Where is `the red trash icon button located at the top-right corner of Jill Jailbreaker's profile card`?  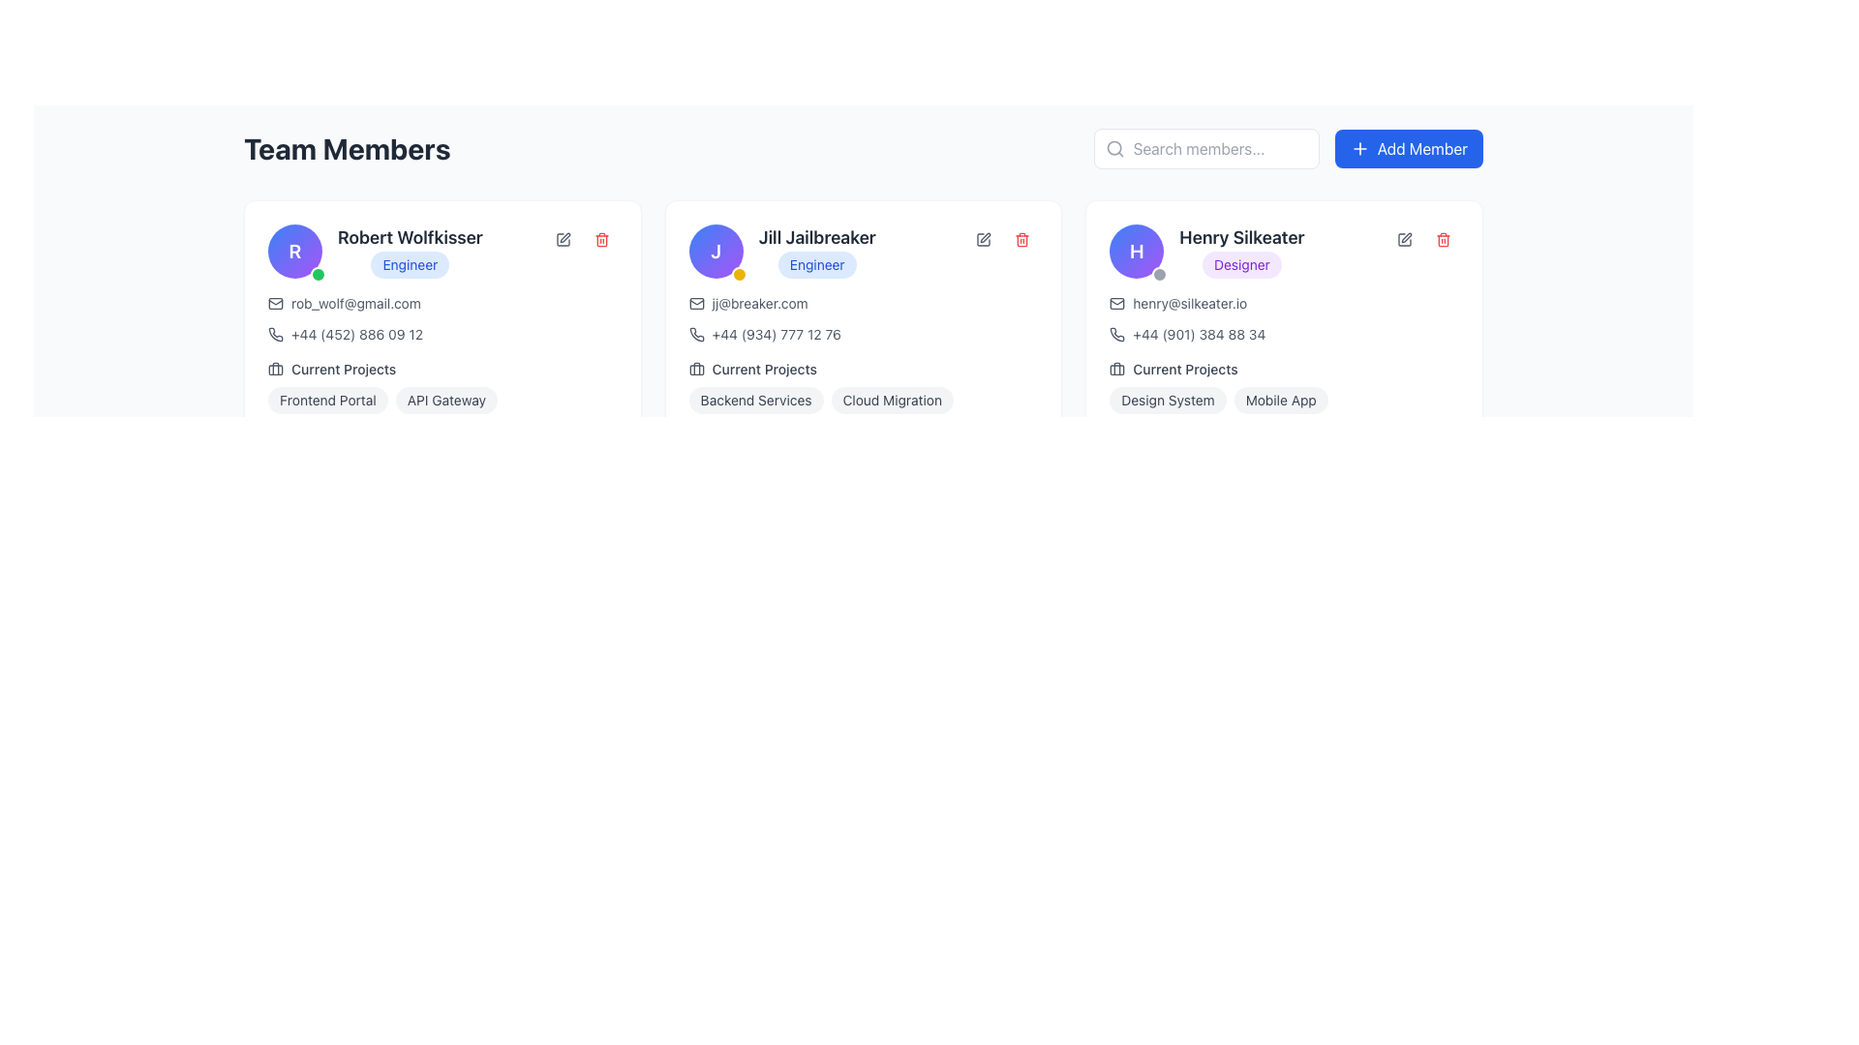 the red trash icon button located at the top-right corner of Jill Jailbreaker's profile card is located at coordinates (1021, 238).